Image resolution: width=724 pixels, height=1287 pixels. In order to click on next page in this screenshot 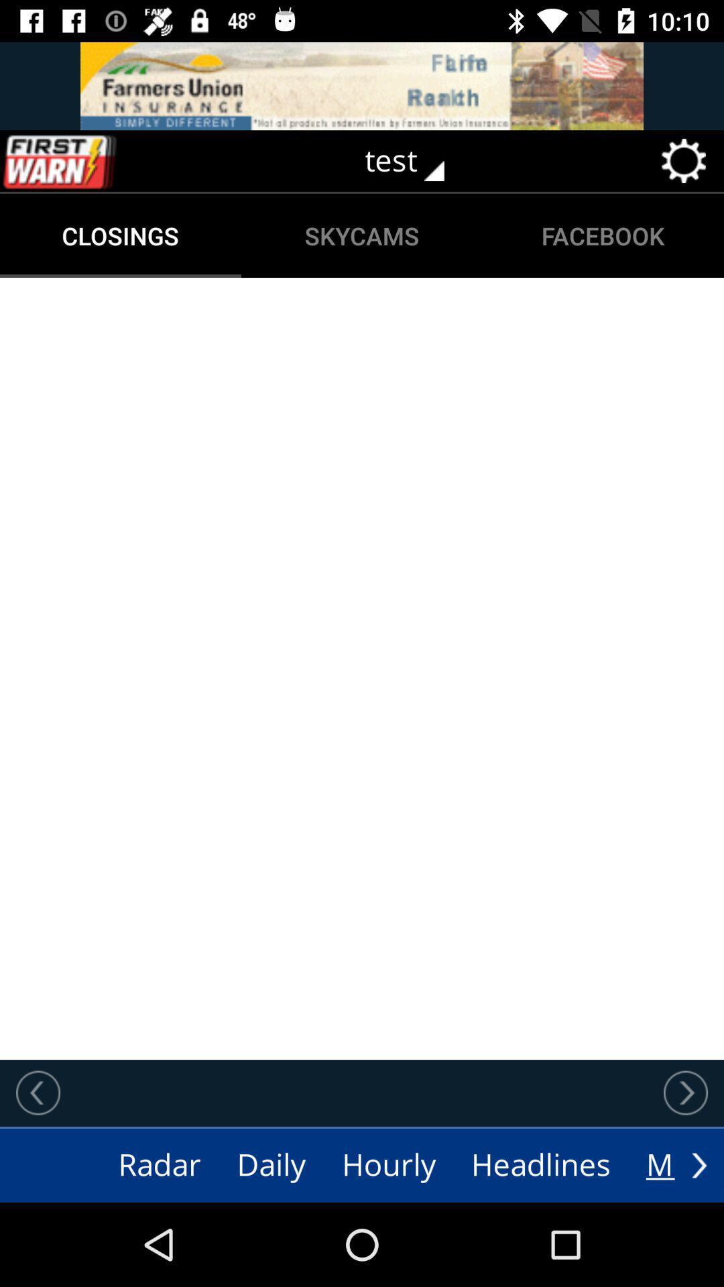, I will do `click(699, 1164)`.